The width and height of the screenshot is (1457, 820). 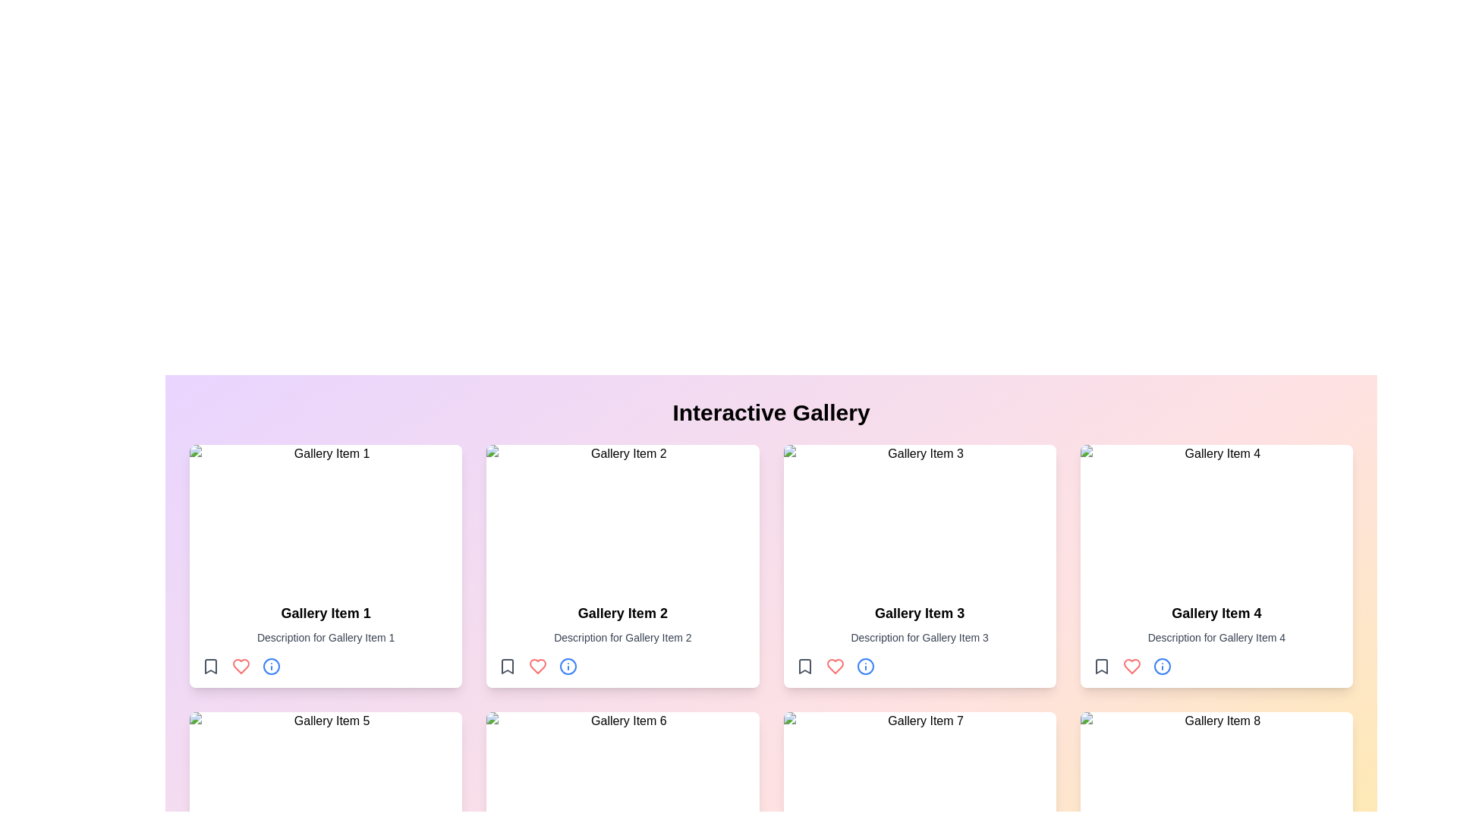 I want to click on the information icon located in the horizontal action bar at the bottom of the first gallery card, which is the third icon from the left, so click(x=272, y=666).